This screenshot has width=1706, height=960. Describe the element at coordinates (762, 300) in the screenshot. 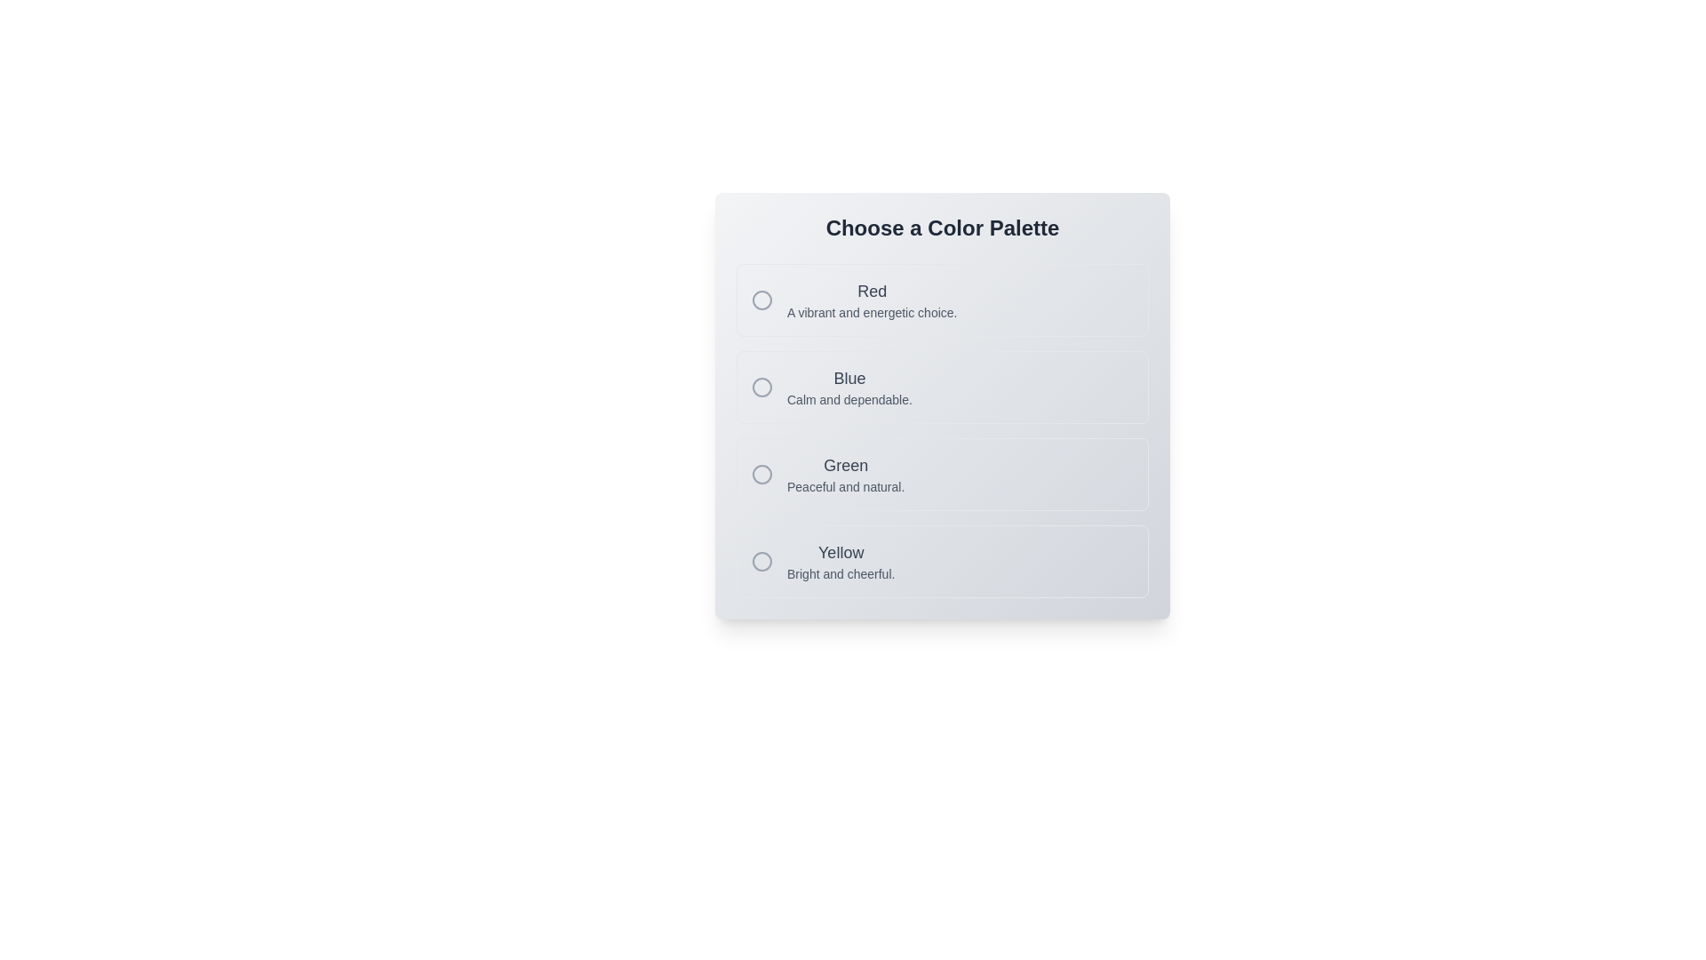

I see `the radio button for the 'Red' color option located at the top of the 'Choose a Color Palette' section` at that location.